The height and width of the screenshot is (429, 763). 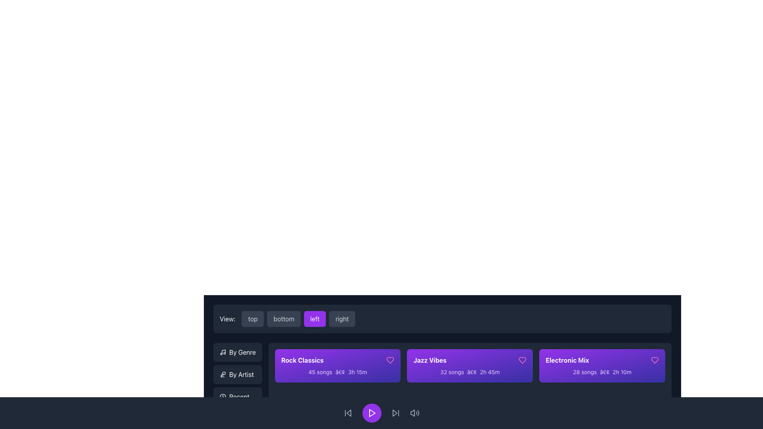 I want to click on the 'Recent' button, which is styled with a dark background and includes white text and a clock icon, so click(x=237, y=397).